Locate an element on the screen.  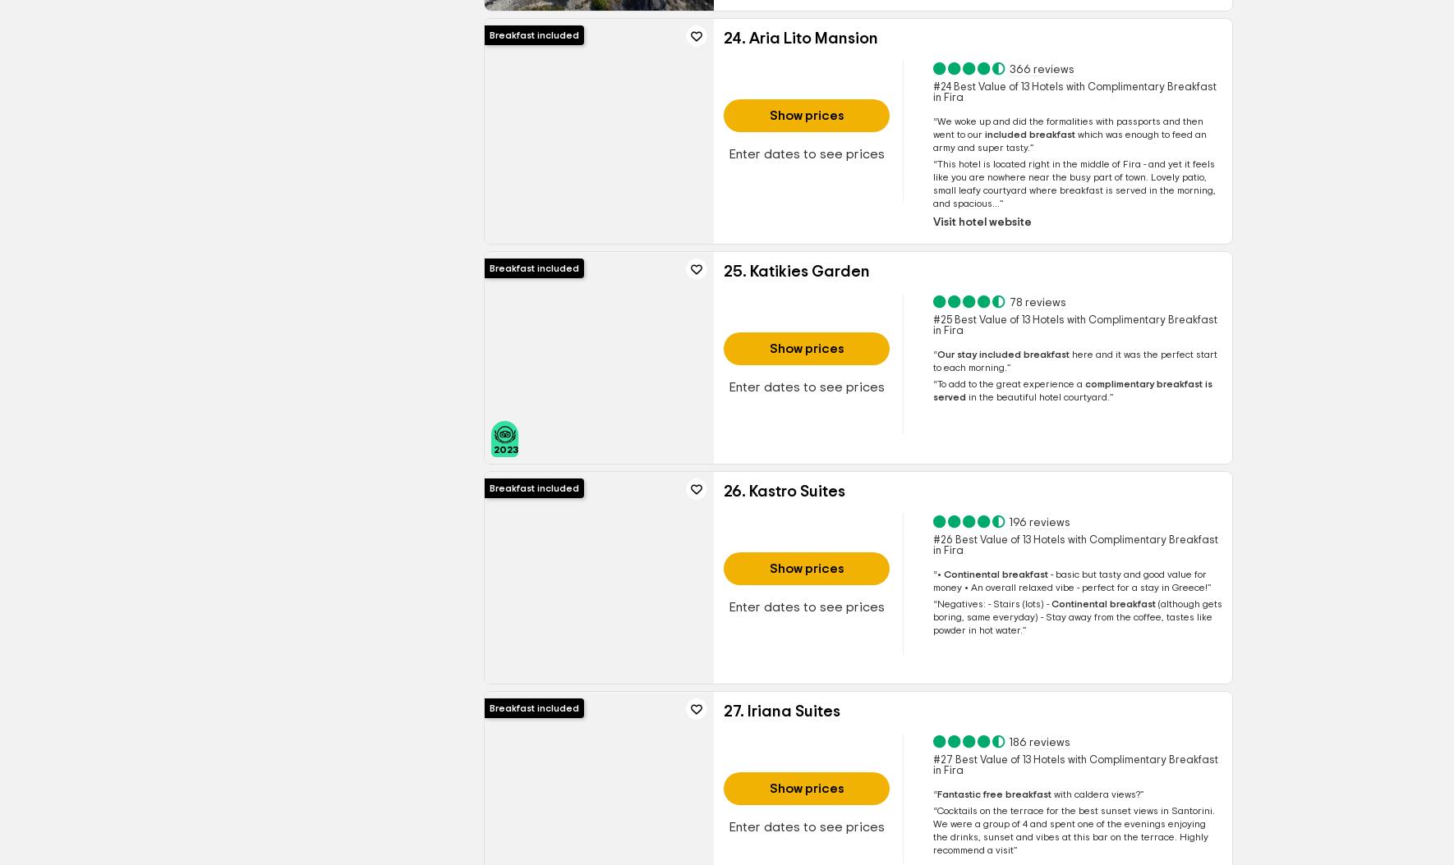
'24. Aria Lito Mansion' is located at coordinates (799, 39).